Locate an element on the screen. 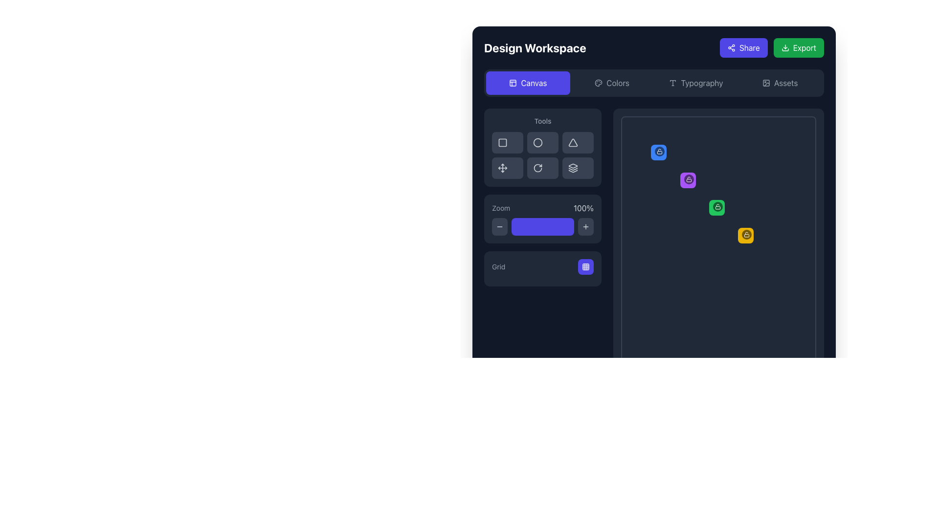  the indigo-colored square button with a grid icon inside is located at coordinates (586, 267).